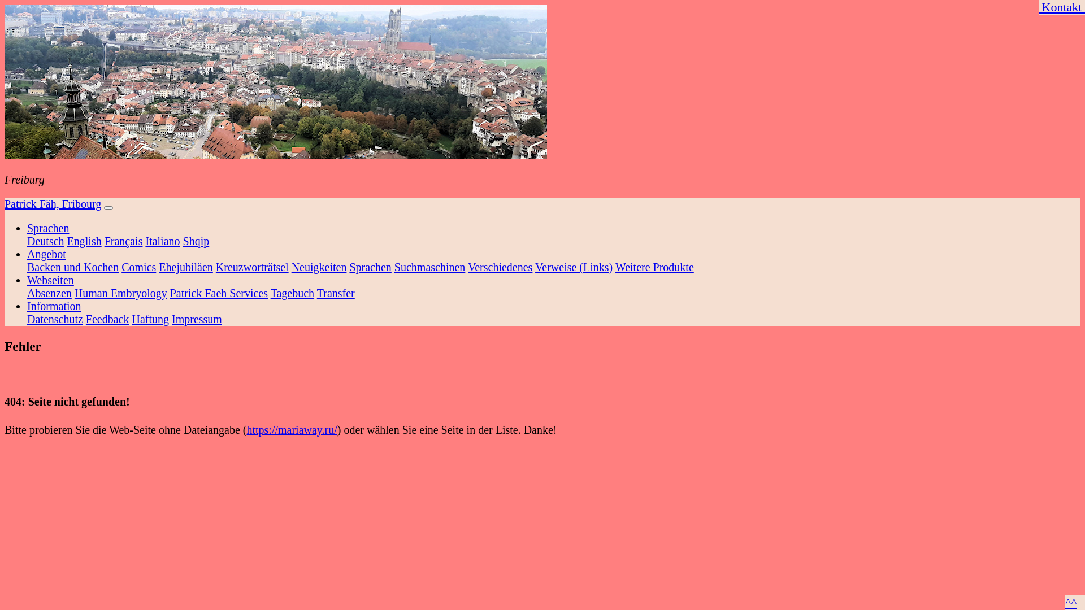  What do you see at coordinates (1070, 602) in the screenshot?
I see `'^^'` at bounding box center [1070, 602].